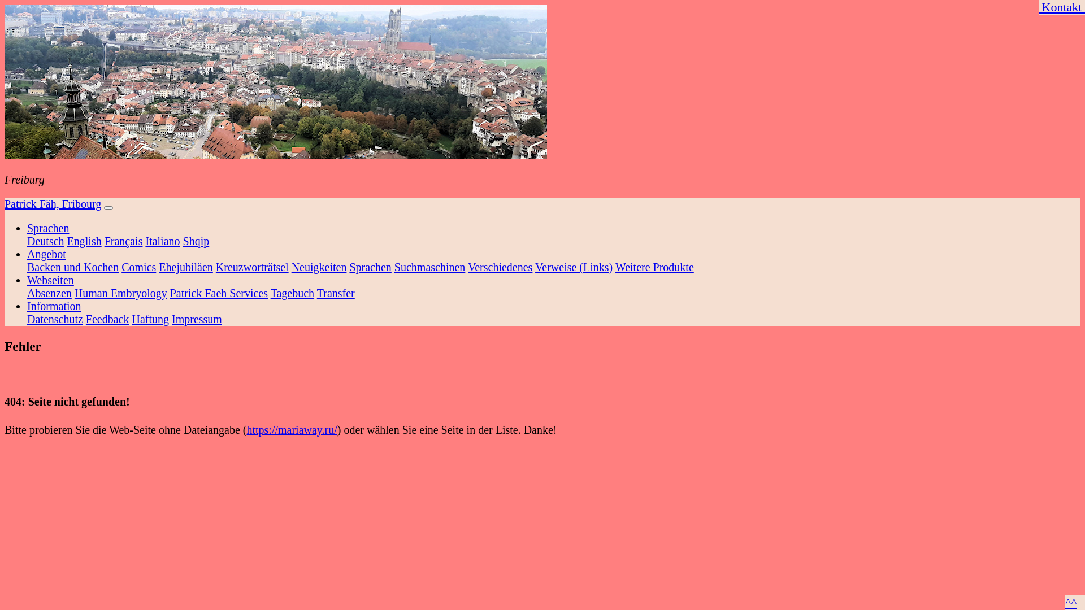  What do you see at coordinates (1070, 602) in the screenshot?
I see `'^^'` at bounding box center [1070, 602].